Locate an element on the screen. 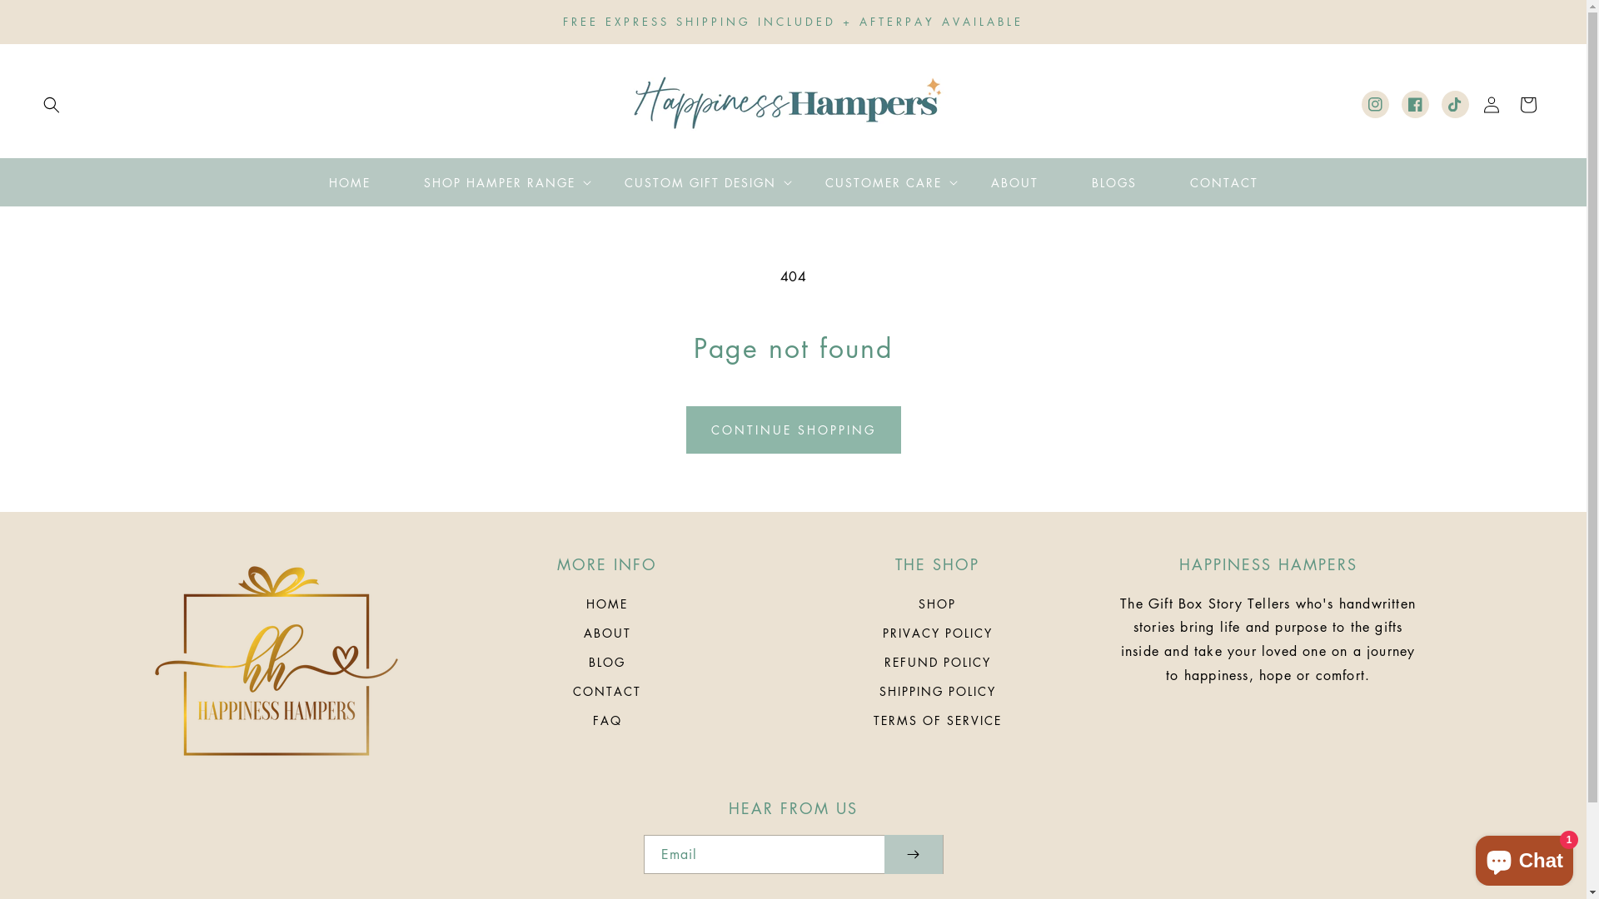 This screenshot has height=899, width=1599. 'PRIVACY POLICY' is located at coordinates (938, 633).